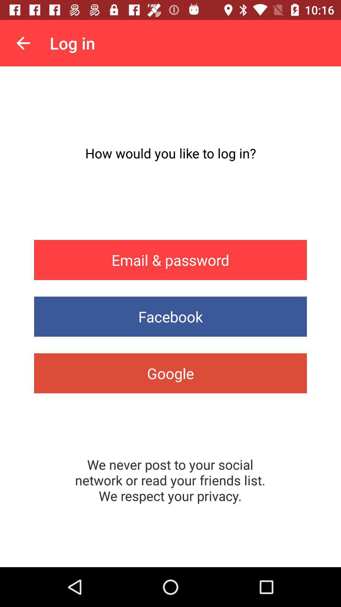 The image size is (341, 607). Describe the element at coordinates (170, 316) in the screenshot. I see `app below the email & password item` at that location.